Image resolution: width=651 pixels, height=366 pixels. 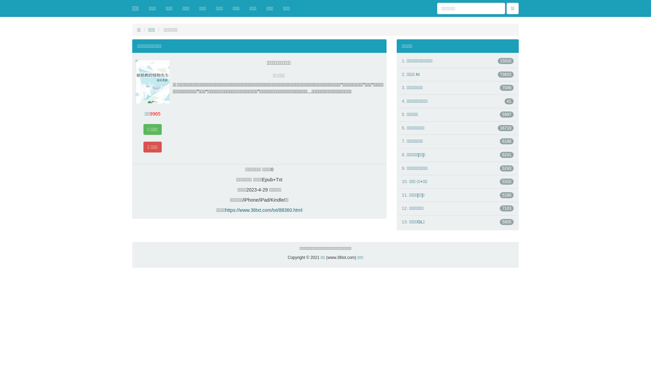 What do you see at coordinates (263, 210) in the screenshot?
I see `'https://www.36txt.com/txt/88360.html'` at bounding box center [263, 210].